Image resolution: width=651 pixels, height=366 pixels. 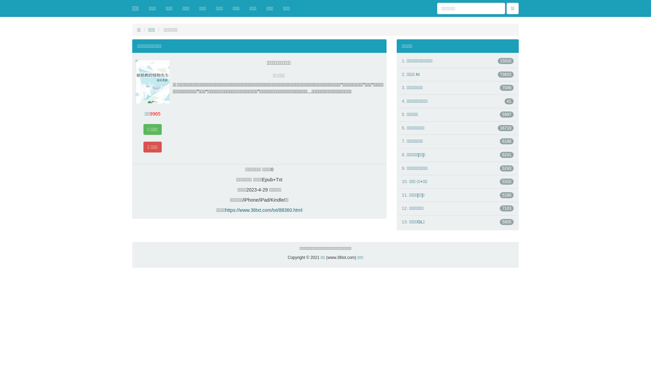 What do you see at coordinates (263, 210) in the screenshot?
I see `'https://www.36txt.com/txt/88360.html'` at bounding box center [263, 210].